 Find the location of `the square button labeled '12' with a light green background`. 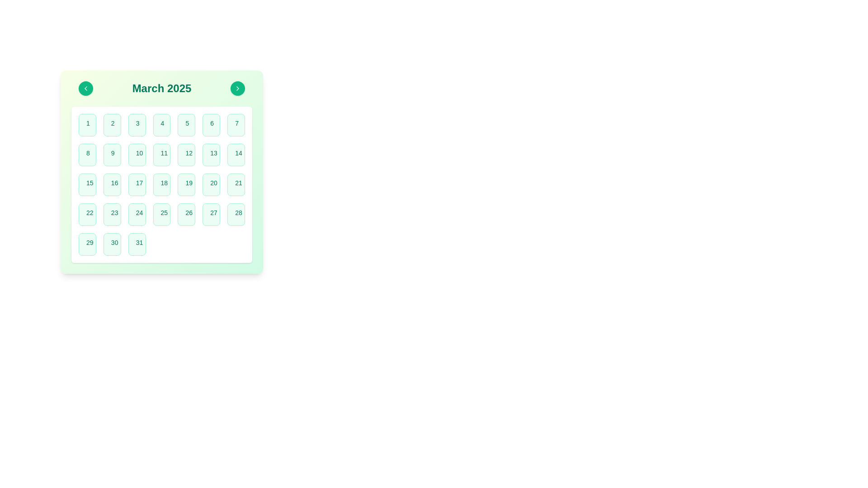

the square button labeled '12' with a light green background is located at coordinates (186, 155).